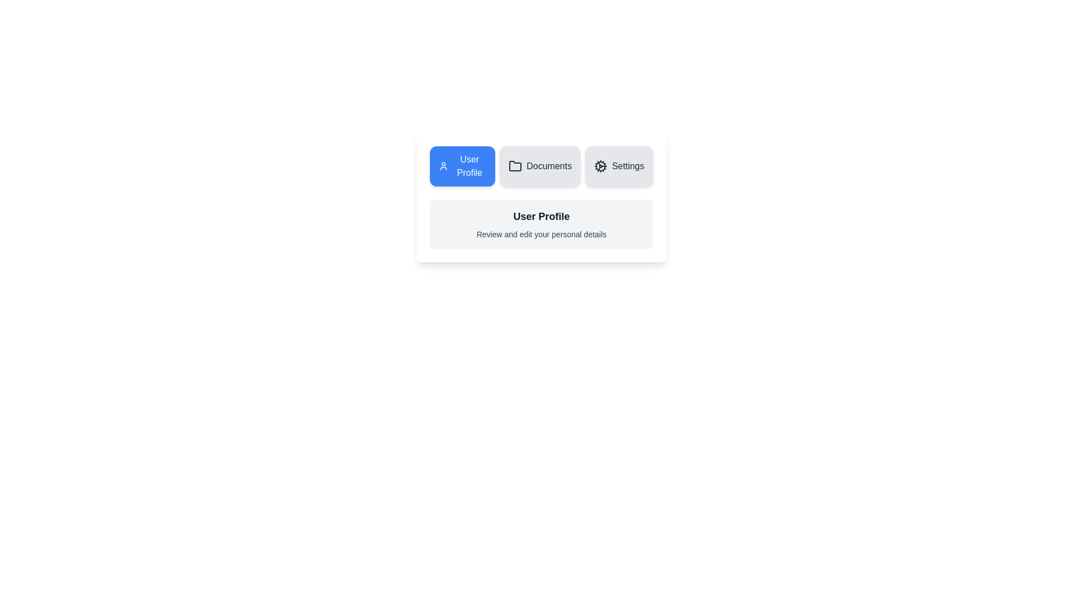 The height and width of the screenshot is (603, 1072). I want to click on the tab labeled Documents, so click(540, 166).